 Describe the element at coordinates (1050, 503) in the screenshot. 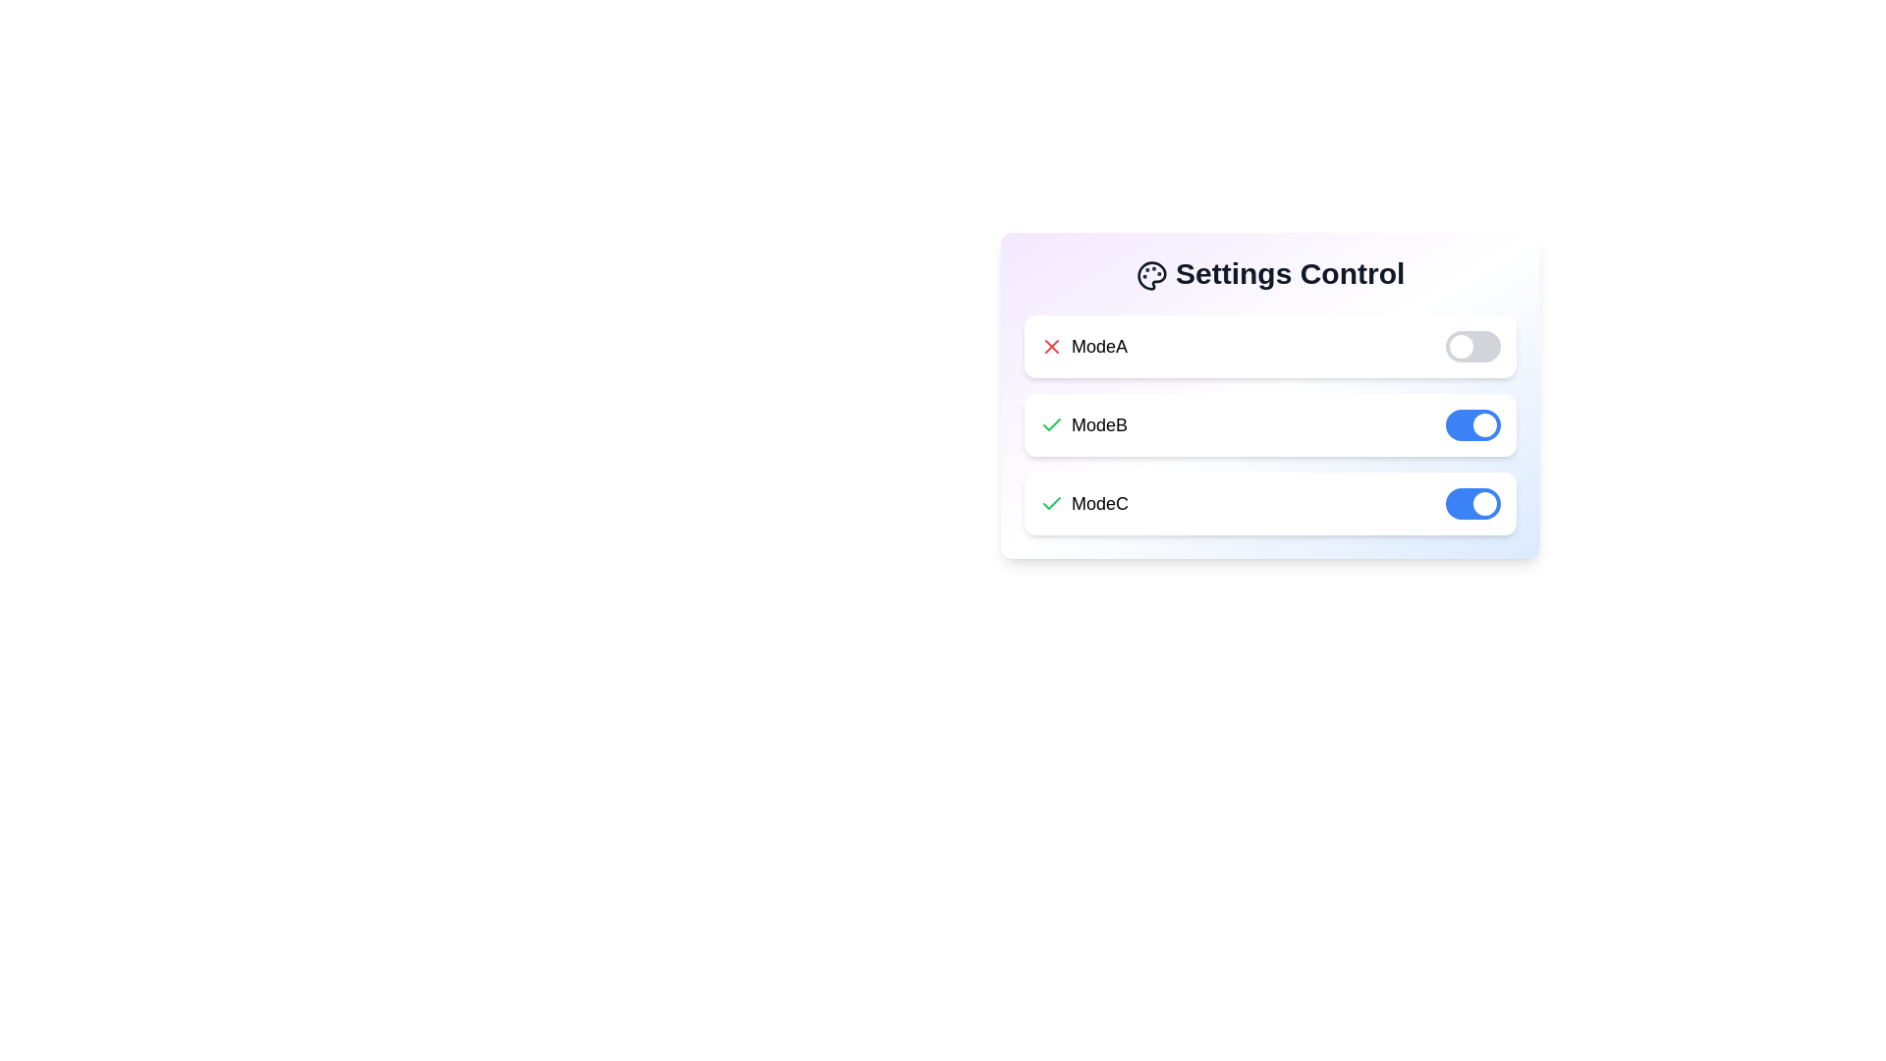

I see `the green checkmark icon that is part of the list item labeled 'ModeC', located to the left of the text` at that location.